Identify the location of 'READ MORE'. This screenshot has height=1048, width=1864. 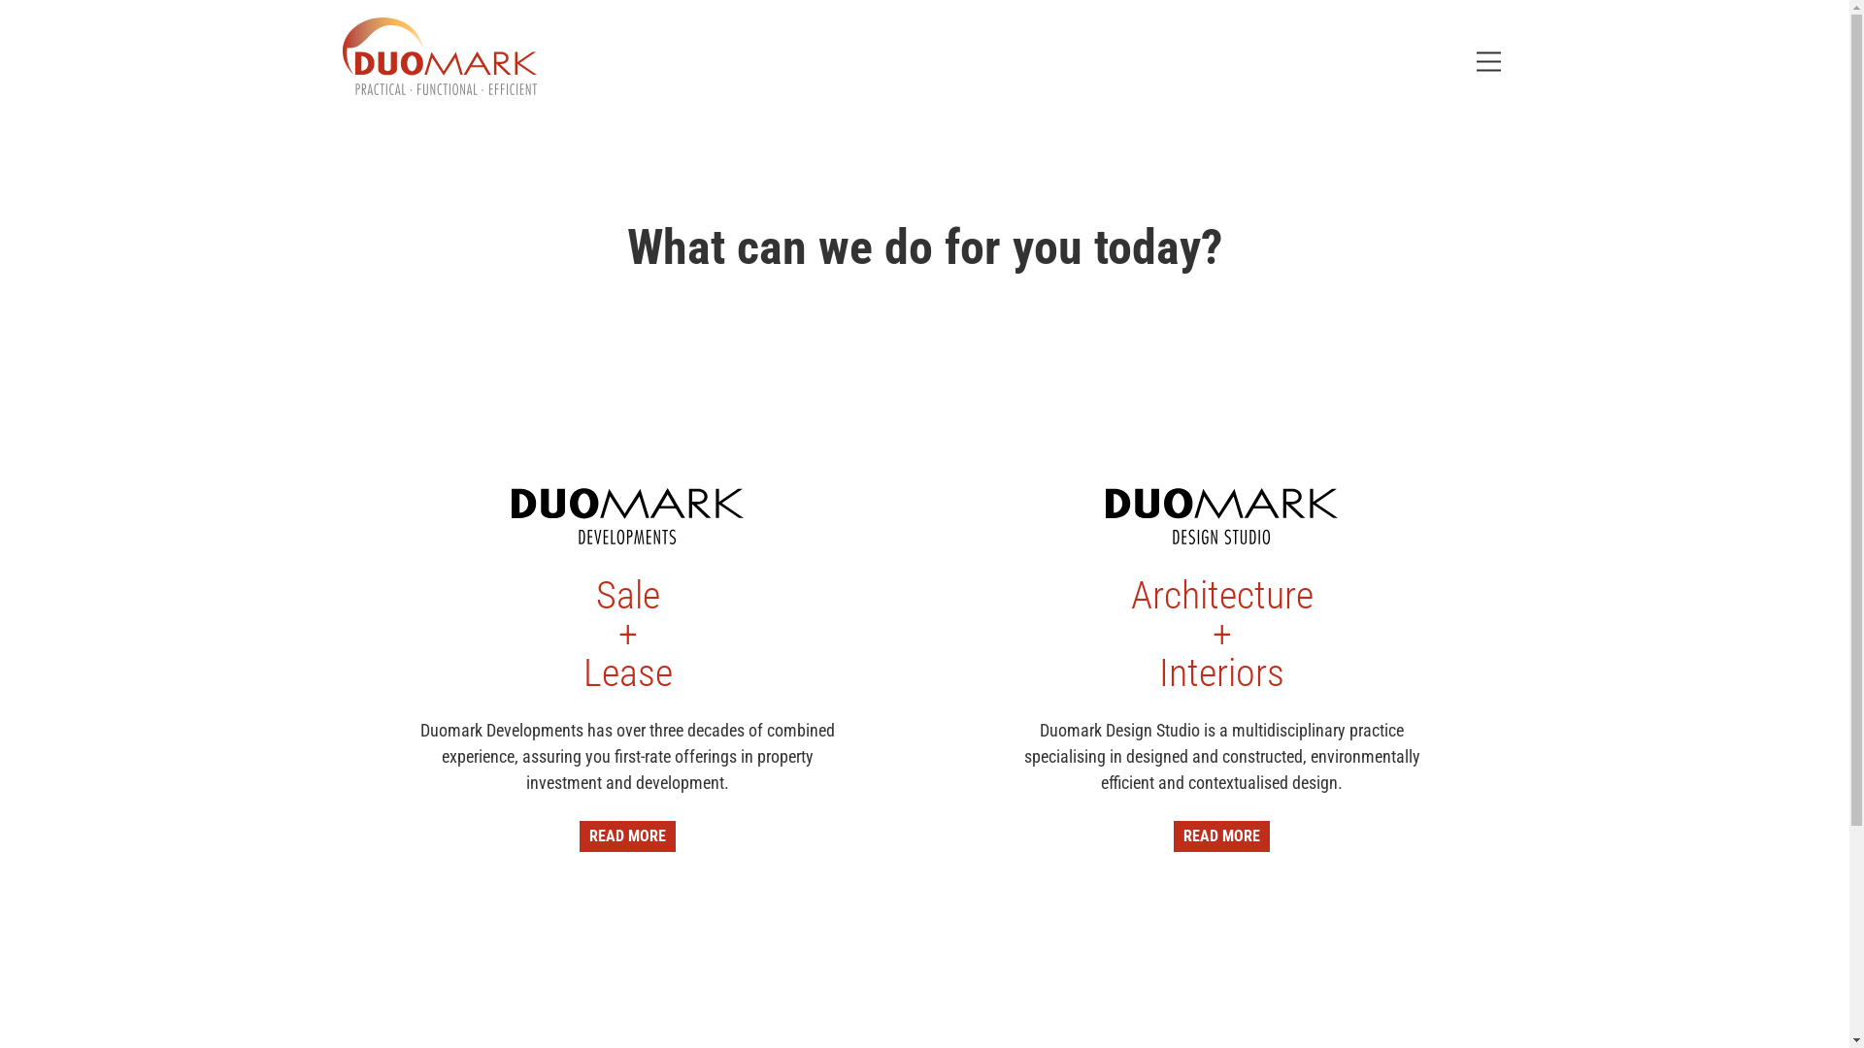
(627, 835).